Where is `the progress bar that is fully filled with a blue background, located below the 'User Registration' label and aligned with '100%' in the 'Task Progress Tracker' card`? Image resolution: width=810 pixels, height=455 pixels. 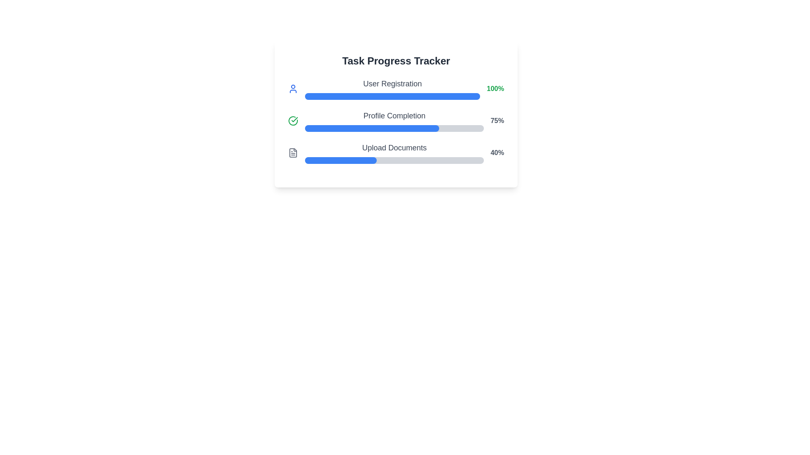 the progress bar that is fully filled with a blue background, located below the 'User Registration' label and aligned with '100%' in the 'Task Progress Tracker' card is located at coordinates (392, 96).